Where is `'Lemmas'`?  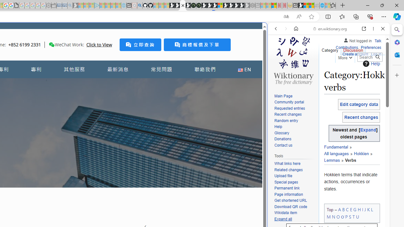
'Lemmas' is located at coordinates (331, 160).